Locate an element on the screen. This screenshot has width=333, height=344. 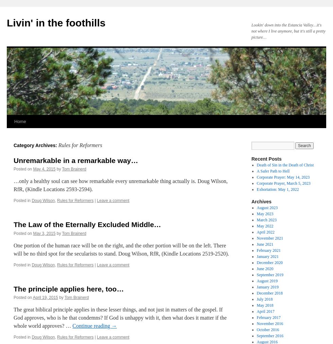
'May 4, 2015' is located at coordinates (44, 168).